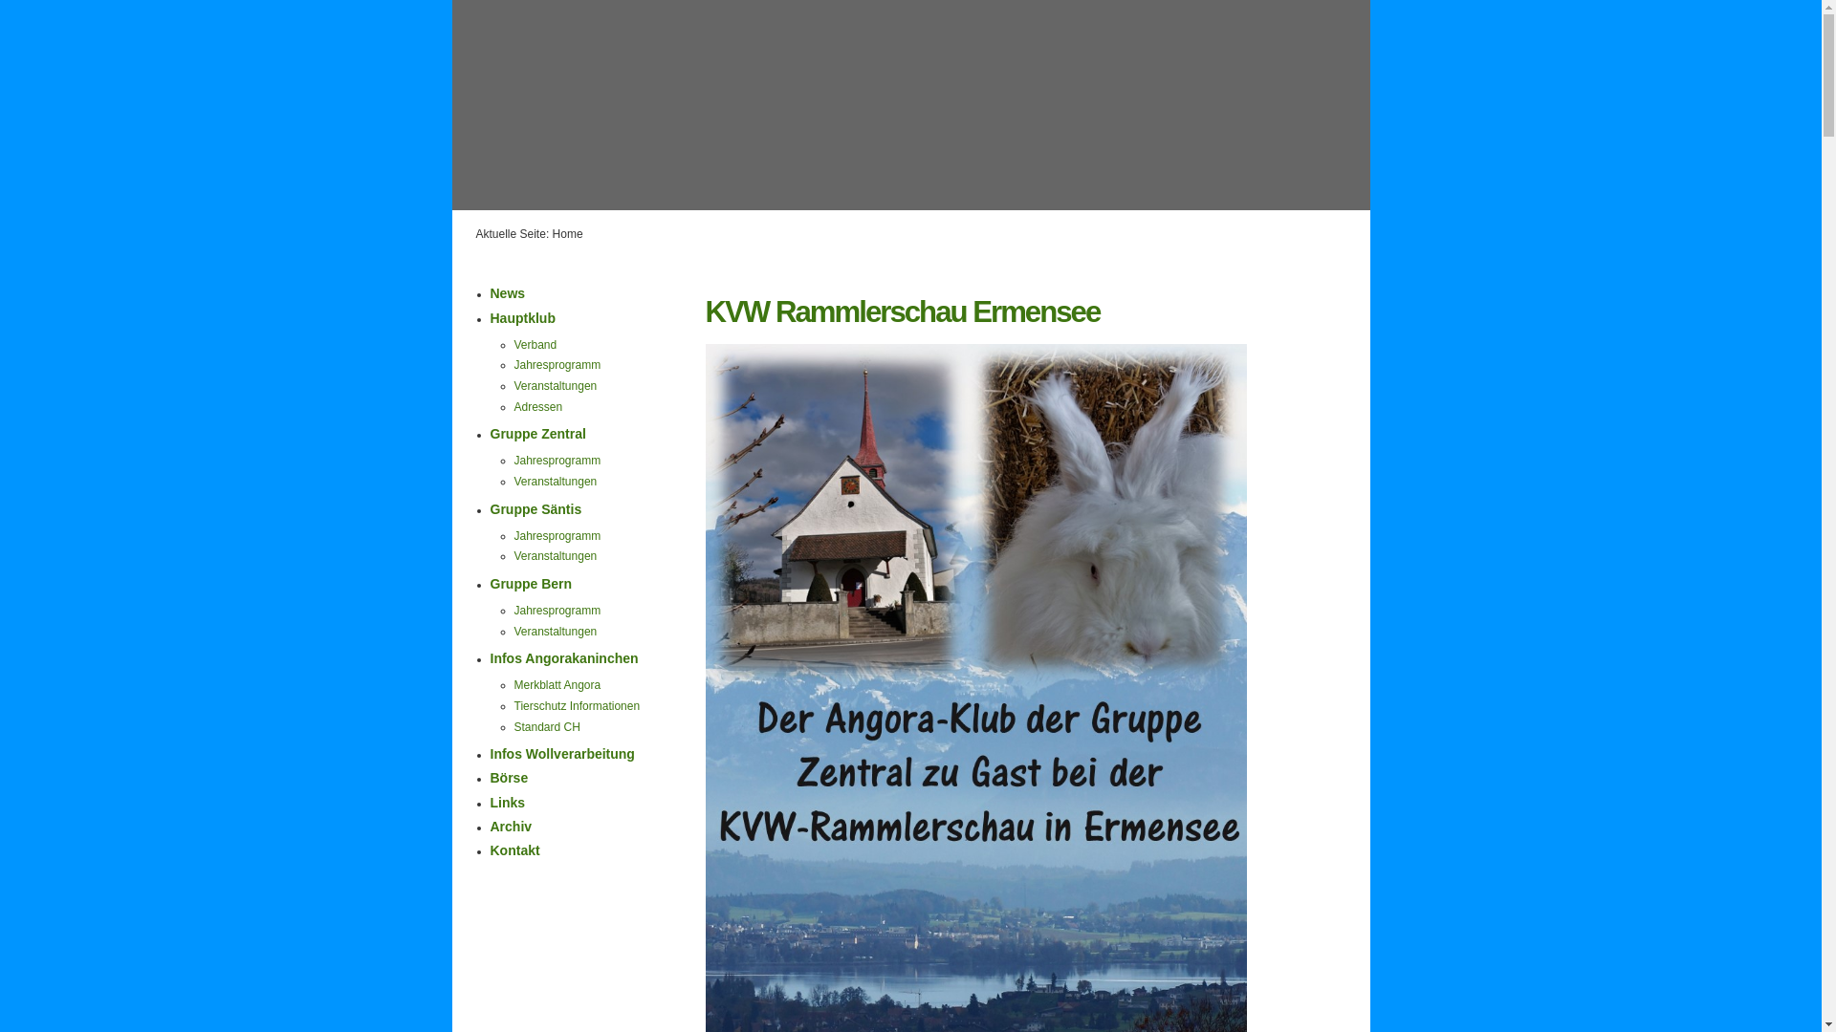  Describe the element at coordinates (514, 631) in the screenshot. I see `'Veranstaltungen'` at that location.